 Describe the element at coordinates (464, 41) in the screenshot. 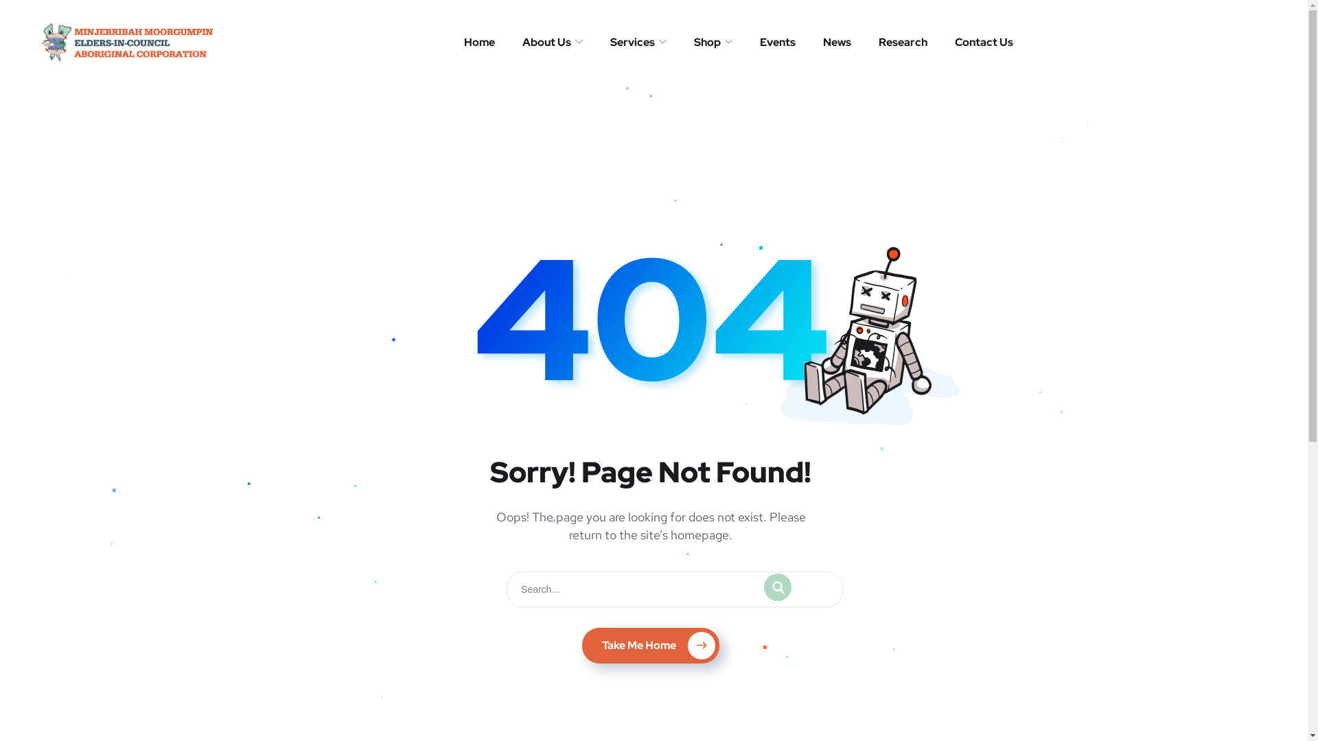

I see `'Home'` at that location.